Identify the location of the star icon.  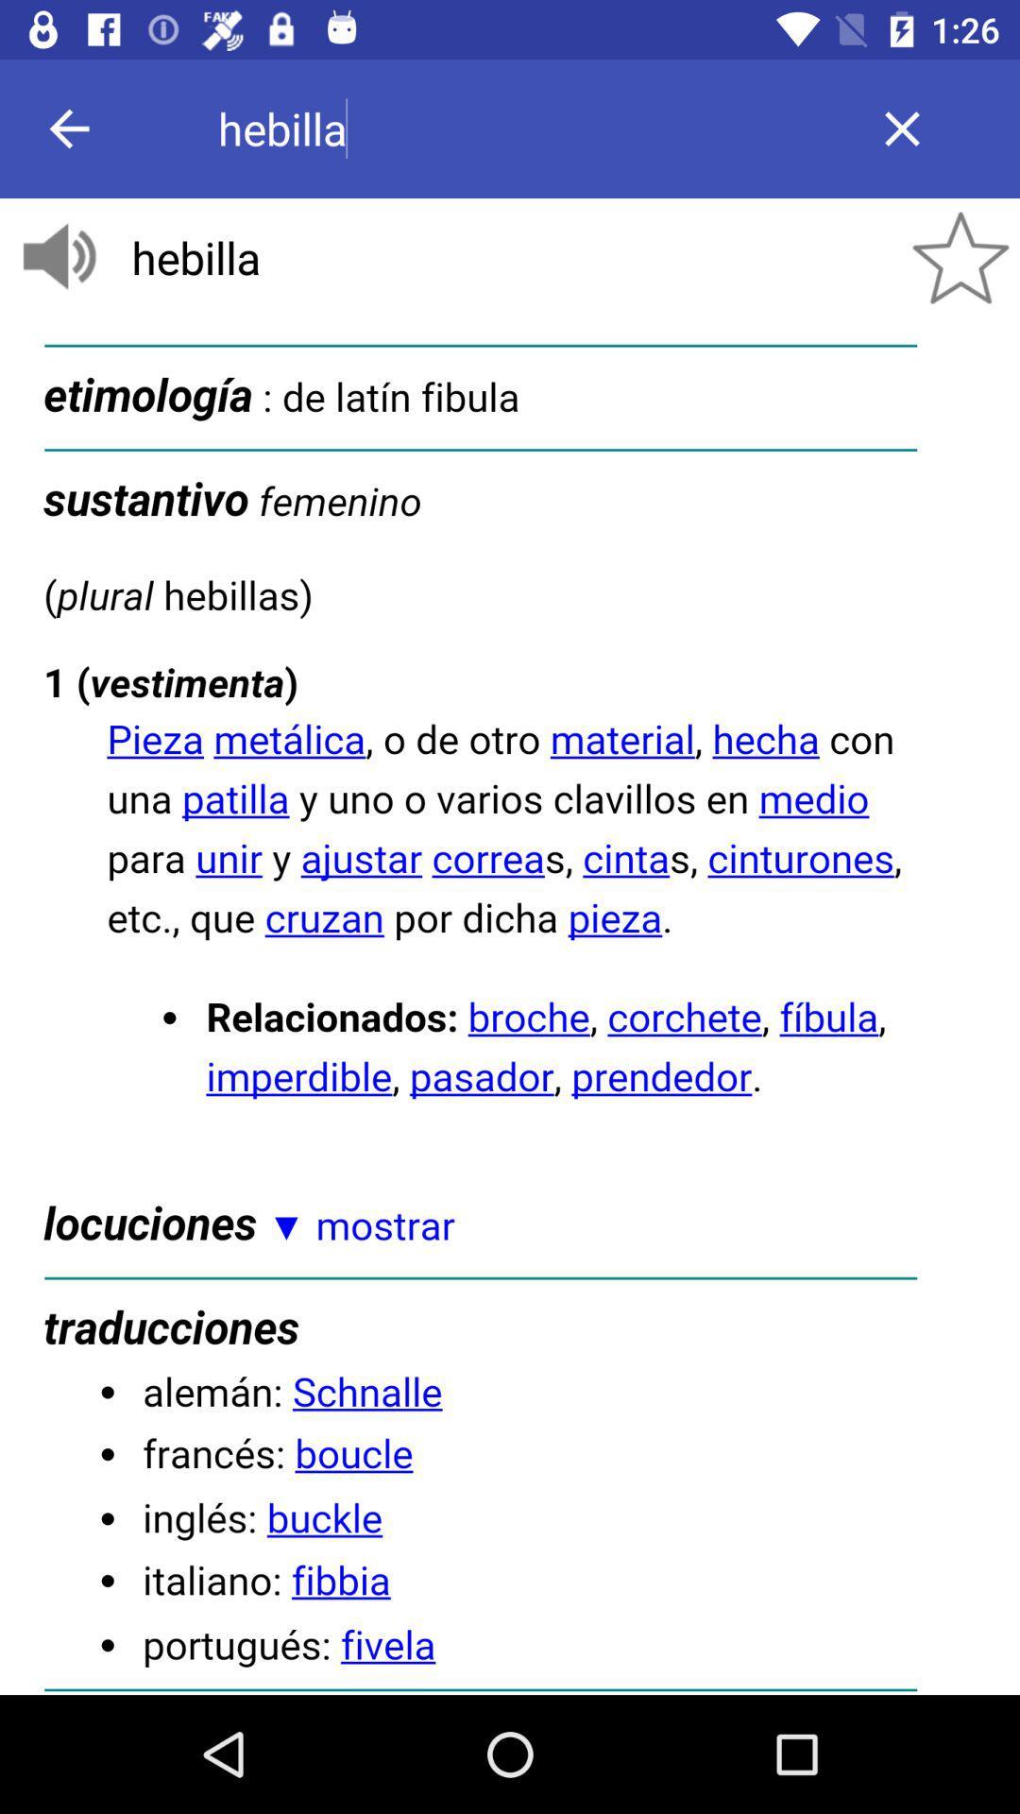
(960, 257).